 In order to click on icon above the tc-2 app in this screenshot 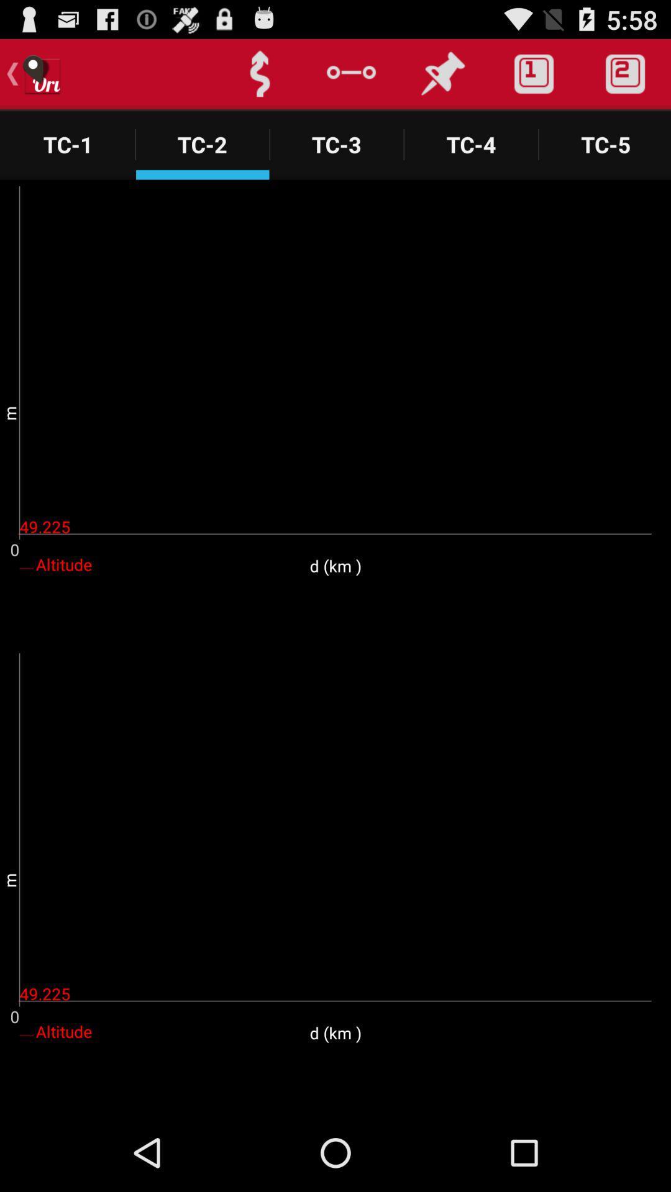, I will do `click(259, 73)`.